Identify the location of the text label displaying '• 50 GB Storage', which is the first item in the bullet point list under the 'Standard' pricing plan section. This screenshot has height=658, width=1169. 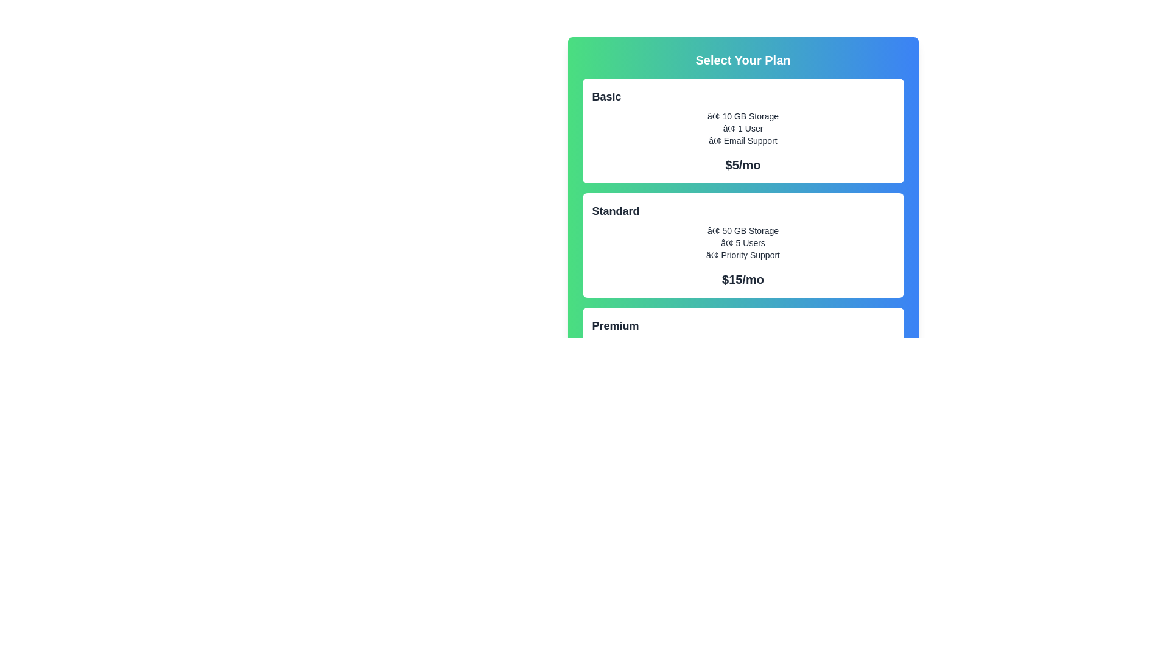
(742, 230).